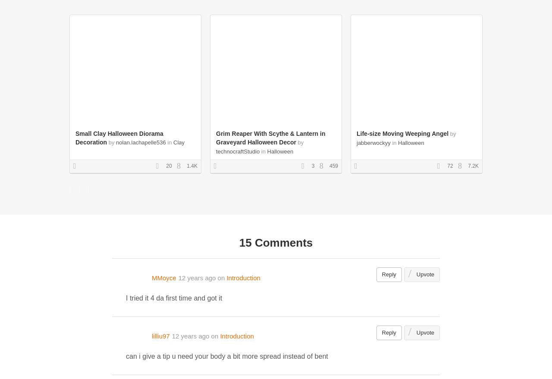 The width and height of the screenshot is (552, 379). Describe the element at coordinates (357, 134) in the screenshot. I see `'Life-size Moving Weeping Angel'` at that location.